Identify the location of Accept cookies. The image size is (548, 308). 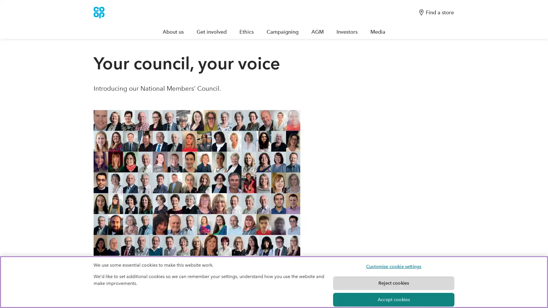
(393, 299).